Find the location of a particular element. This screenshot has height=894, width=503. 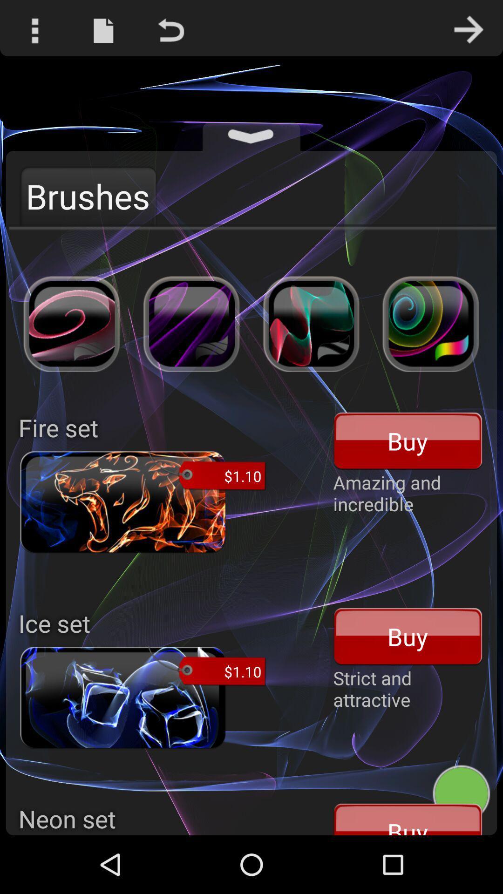

the expand_more icon is located at coordinates (251, 145).